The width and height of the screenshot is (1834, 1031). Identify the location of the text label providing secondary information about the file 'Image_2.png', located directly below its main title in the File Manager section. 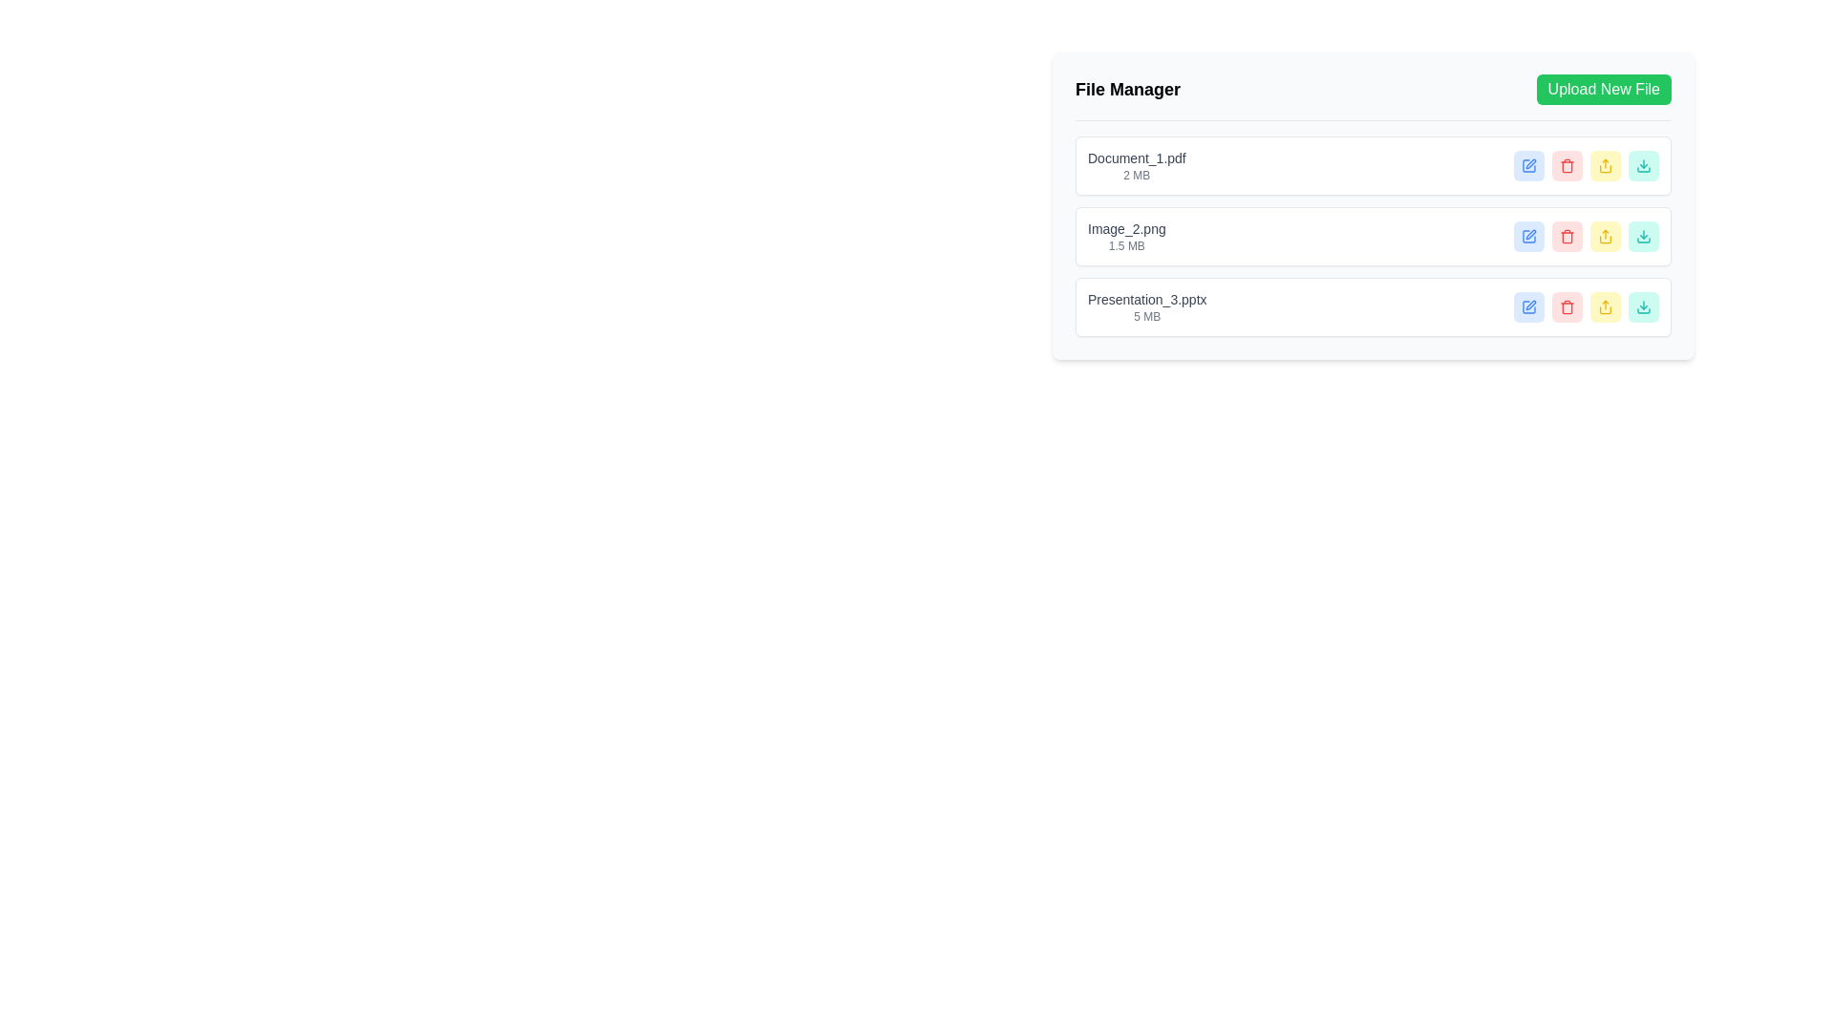
(1126, 245).